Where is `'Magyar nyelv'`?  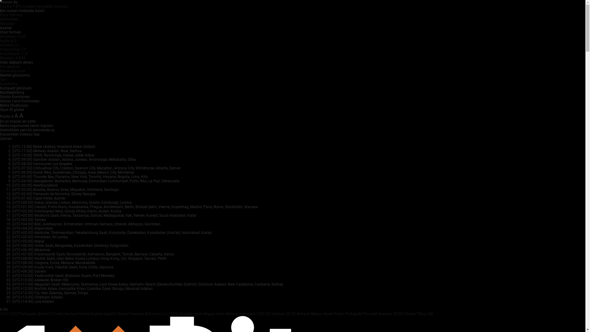 'Magyar nyelv' is located at coordinates (214, 314).